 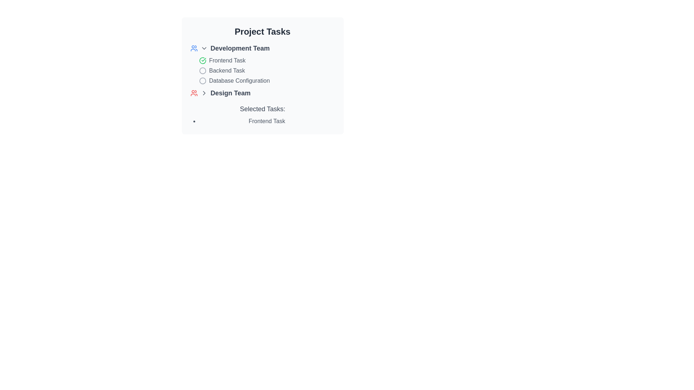 I want to click on the blue group of people icon located in the top-left corner of the 'Development Team' section, so click(x=194, y=48).